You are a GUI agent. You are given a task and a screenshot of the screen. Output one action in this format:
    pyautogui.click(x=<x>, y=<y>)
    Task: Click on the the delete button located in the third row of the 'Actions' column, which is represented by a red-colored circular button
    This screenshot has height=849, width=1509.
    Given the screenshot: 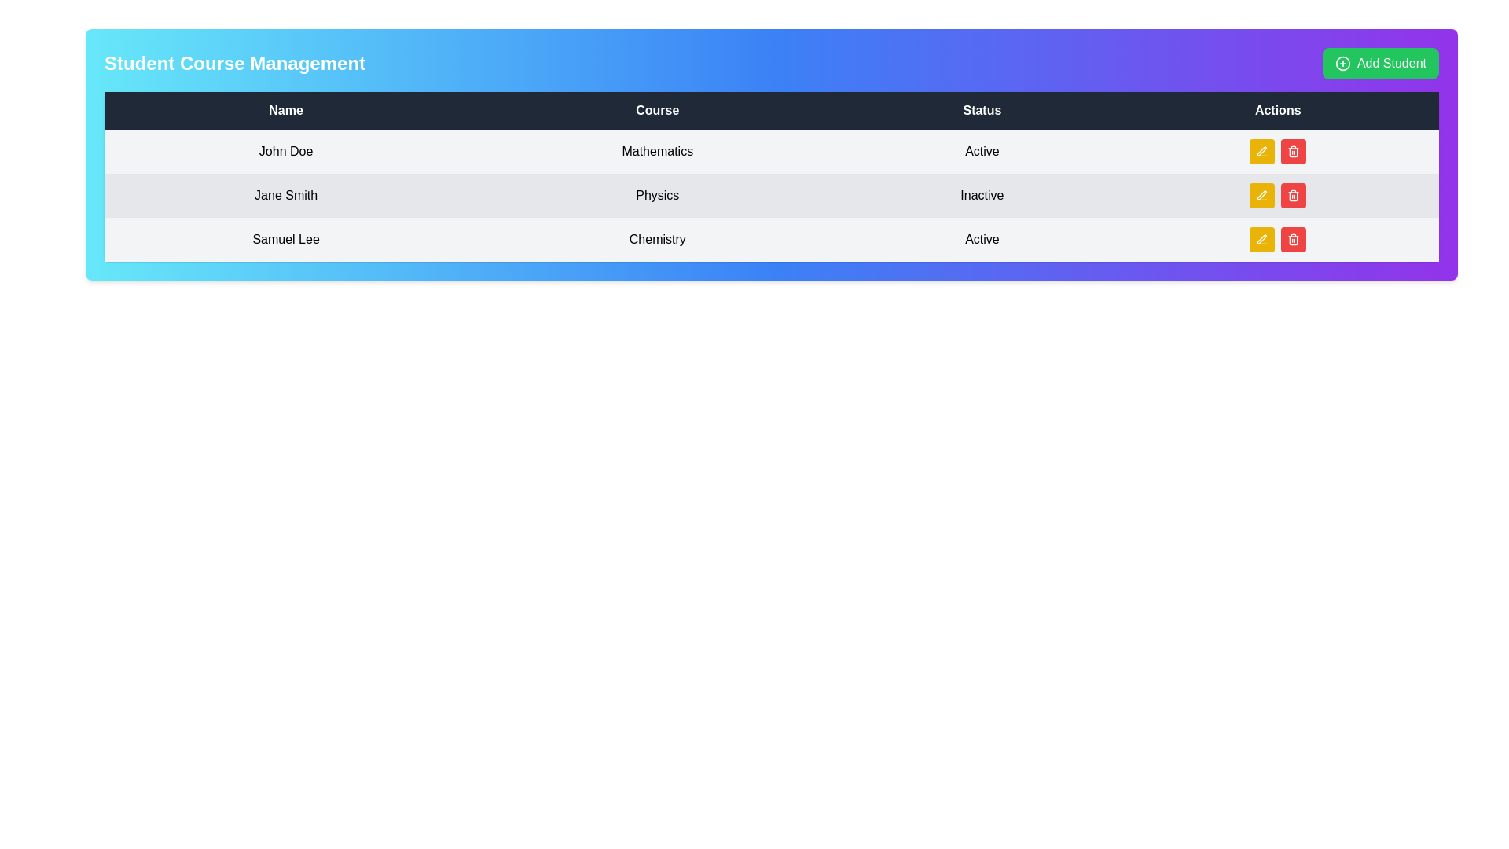 What is the action you would take?
    pyautogui.click(x=1294, y=195)
    